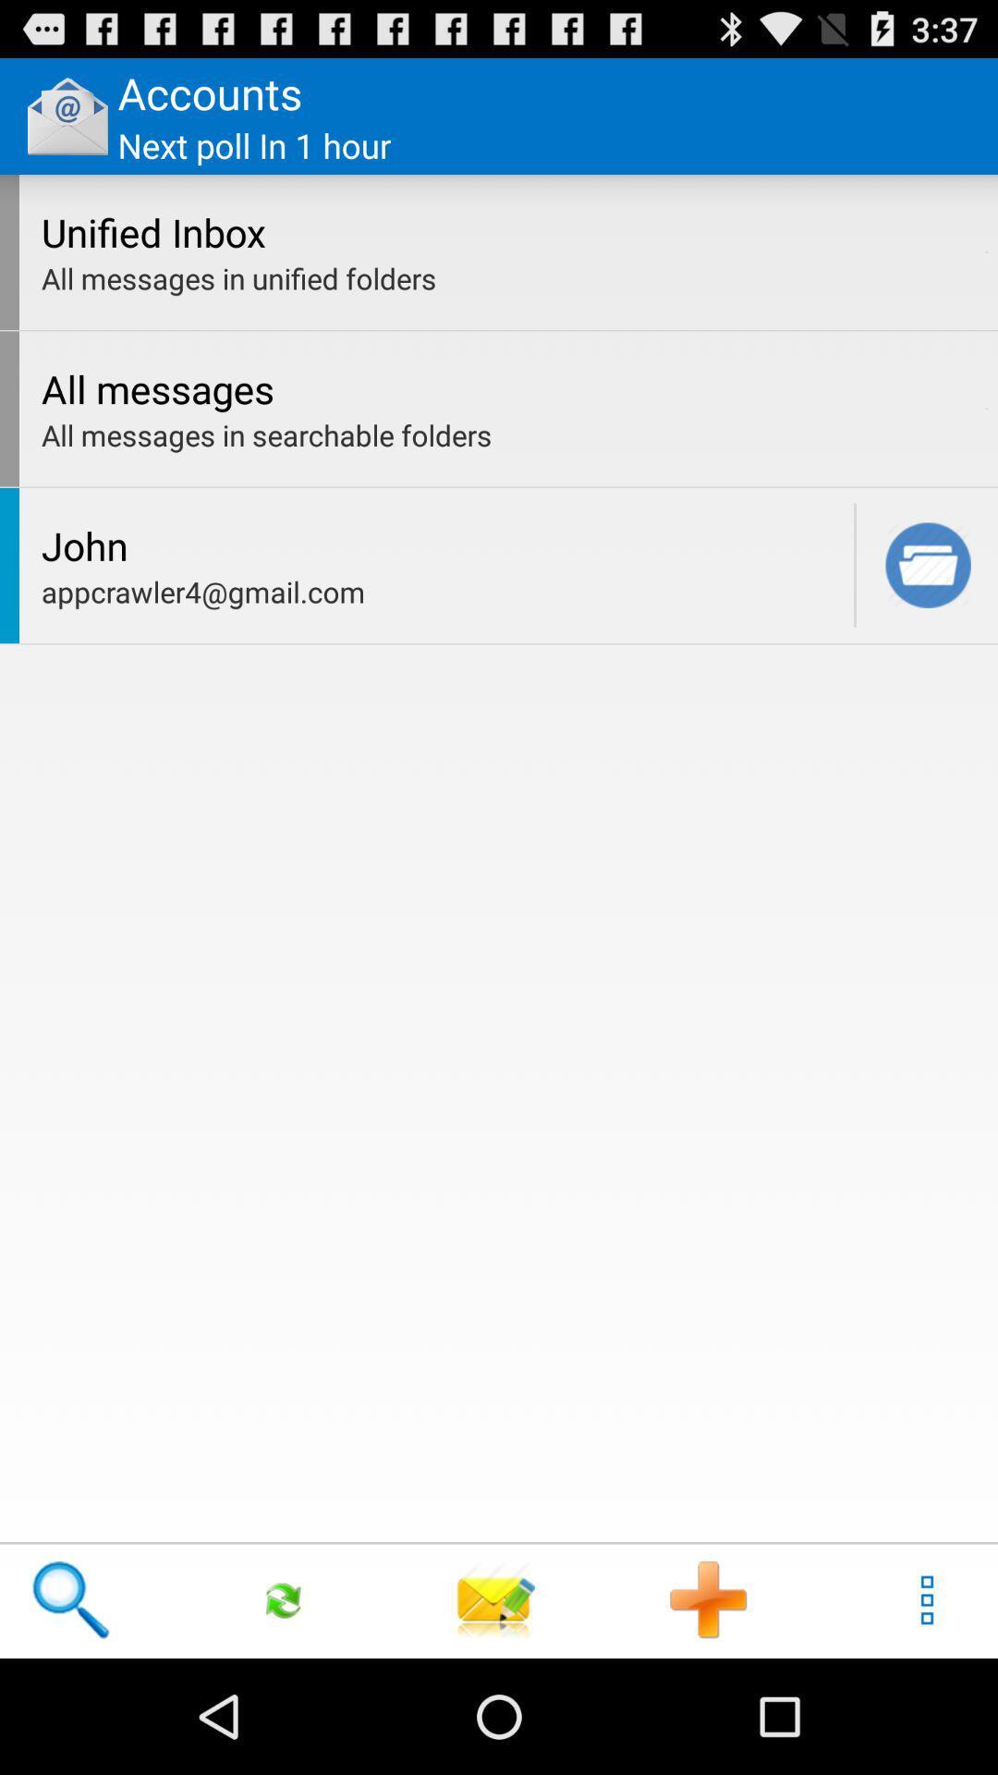 The width and height of the screenshot is (998, 1775). What do you see at coordinates (495, 1599) in the screenshot?
I see `the icon below appcrawler4@gmail.com` at bounding box center [495, 1599].